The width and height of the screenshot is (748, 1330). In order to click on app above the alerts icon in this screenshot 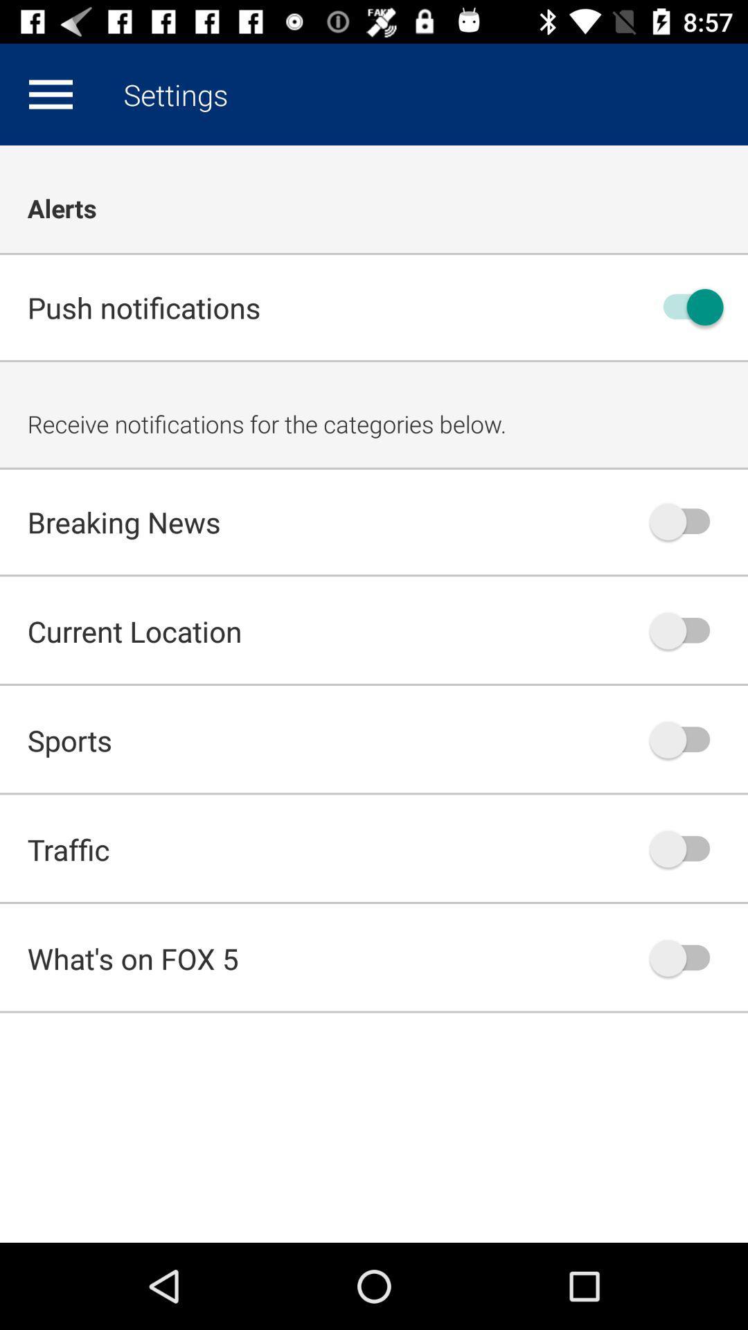, I will do `click(50, 94)`.